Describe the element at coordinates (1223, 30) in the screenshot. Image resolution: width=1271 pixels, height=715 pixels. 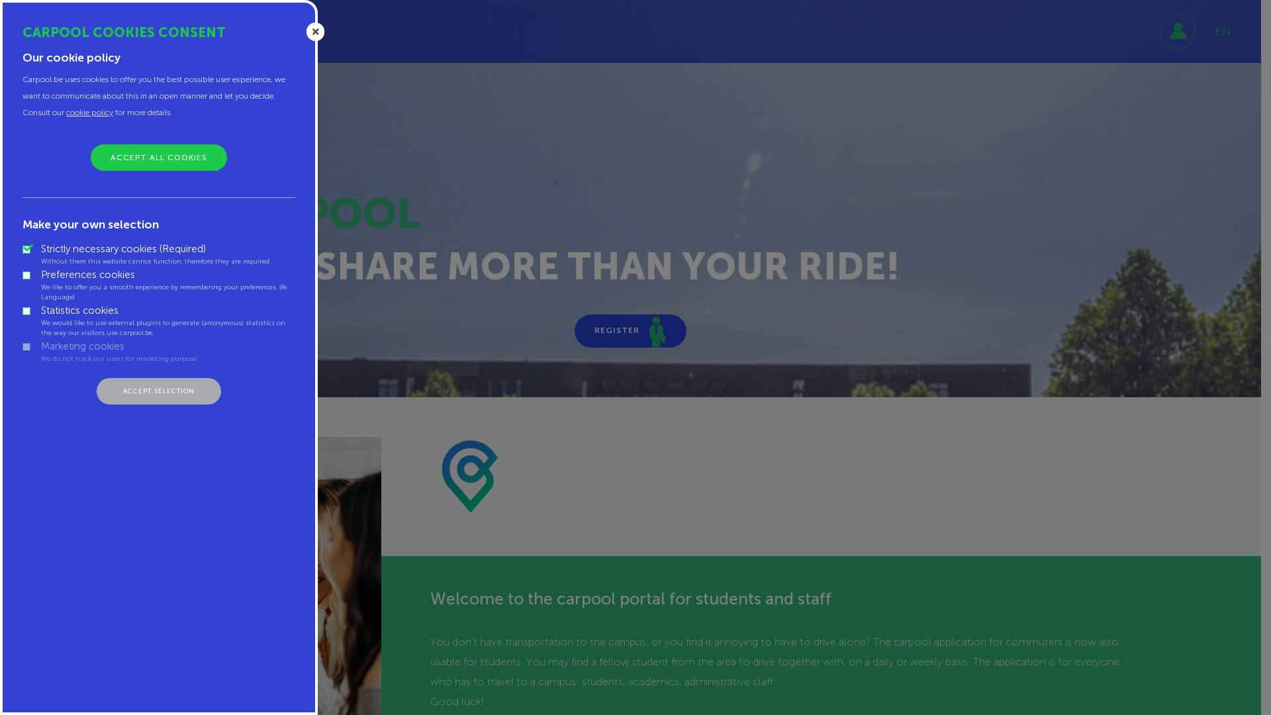
I see `'EN'` at that location.